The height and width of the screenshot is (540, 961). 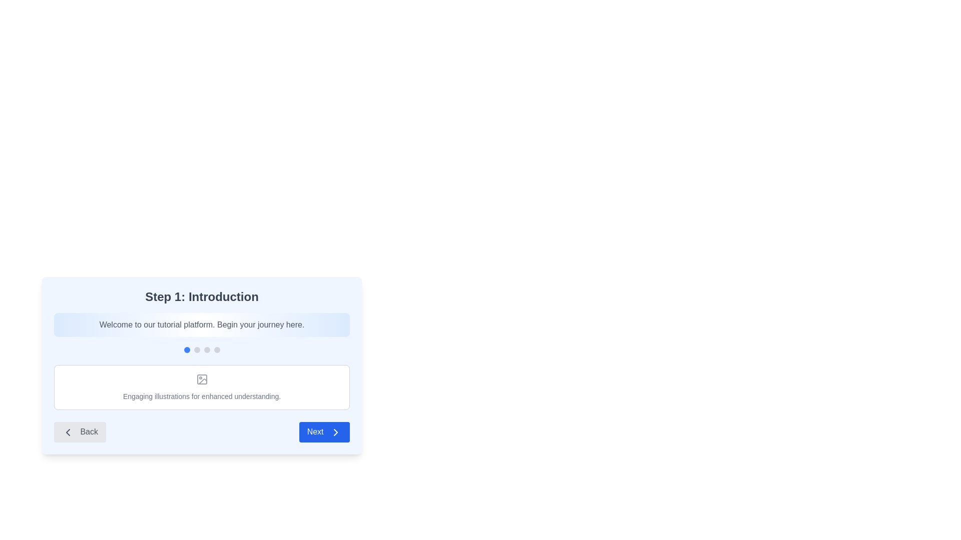 What do you see at coordinates (201, 349) in the screenshot?
I see `the blue navigation dot representing the first step in the sequence, located below the welcome text and above the illustrations area` at bounding box center [201, 349].